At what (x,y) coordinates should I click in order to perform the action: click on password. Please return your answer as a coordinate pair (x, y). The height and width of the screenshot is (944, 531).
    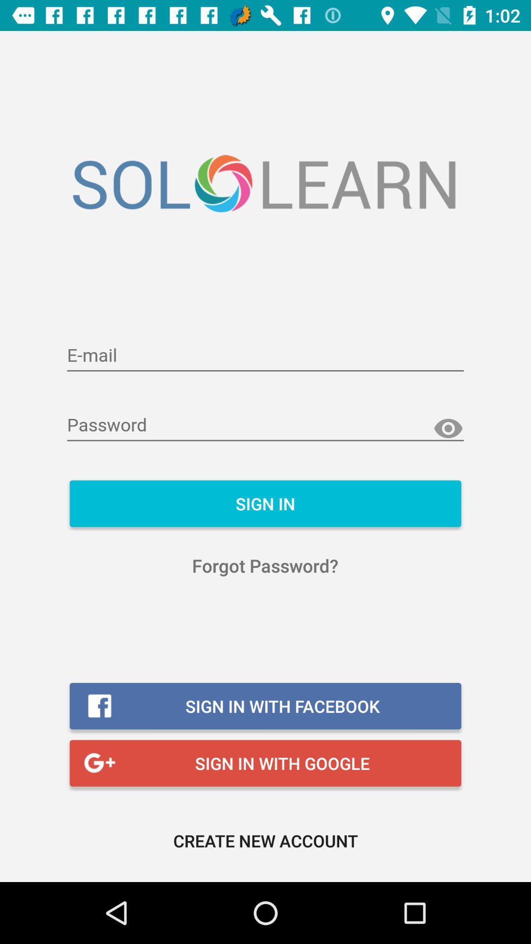
    Looking at the image, I should click on (265, 425).